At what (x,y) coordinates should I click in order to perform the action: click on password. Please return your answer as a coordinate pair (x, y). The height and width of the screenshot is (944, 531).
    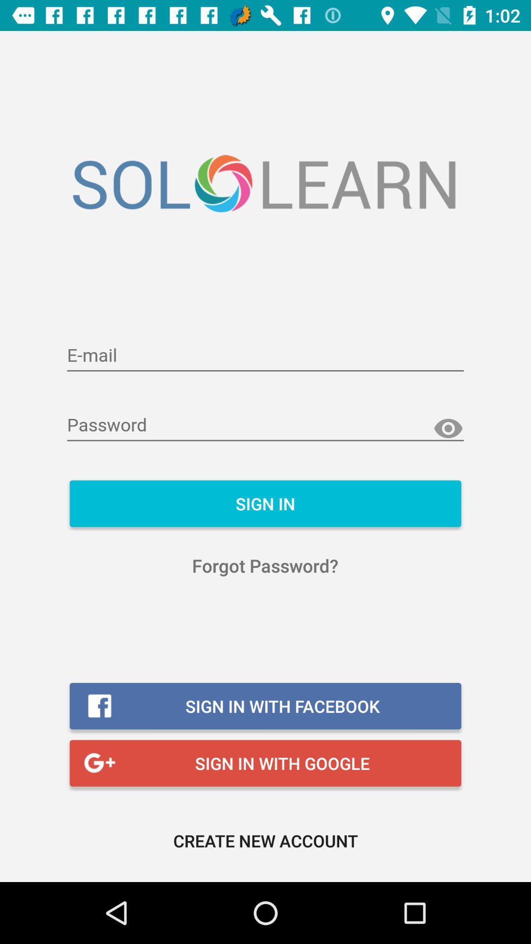
    Looking at the image, I should click on (265, 425).